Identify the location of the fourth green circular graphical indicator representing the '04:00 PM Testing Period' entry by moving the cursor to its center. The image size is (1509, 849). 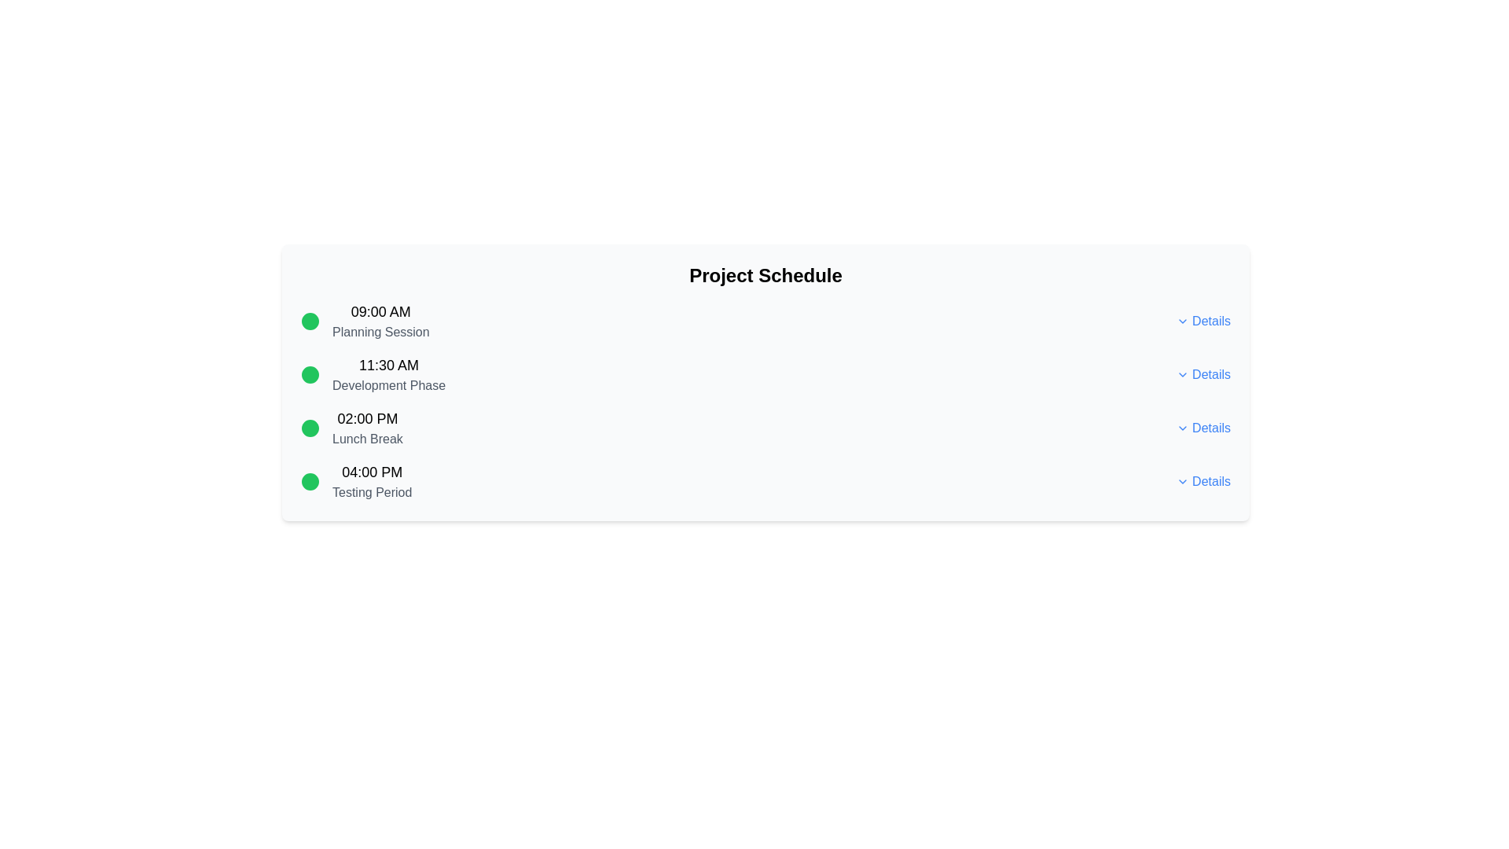
(310, 481).